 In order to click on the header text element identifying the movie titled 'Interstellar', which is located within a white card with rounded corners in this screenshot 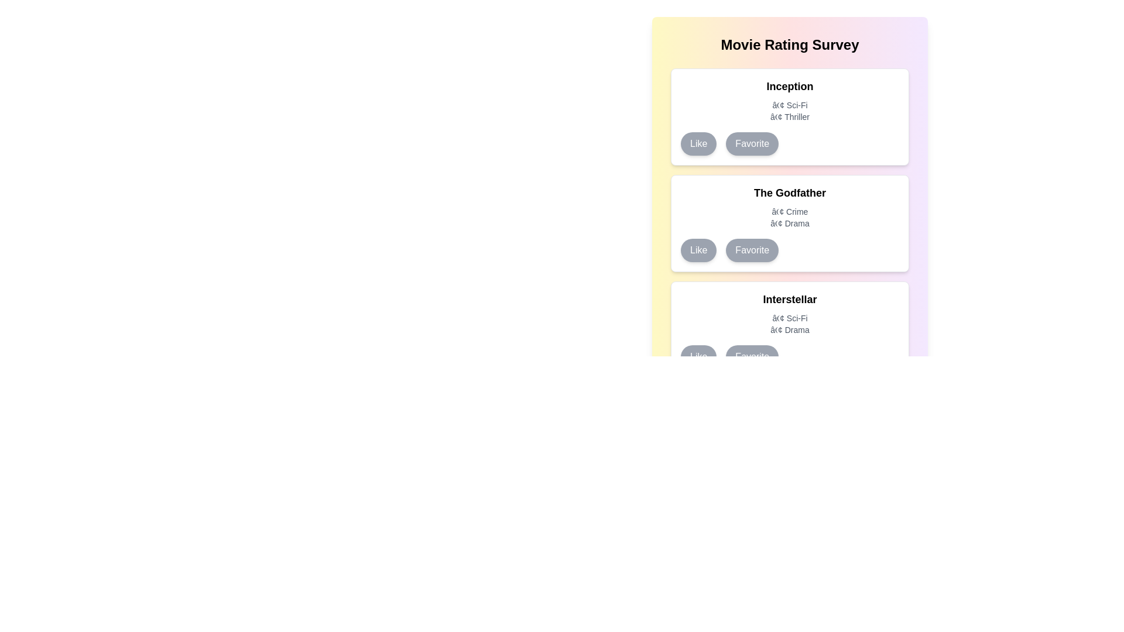, I will do `click(790, 299)`.